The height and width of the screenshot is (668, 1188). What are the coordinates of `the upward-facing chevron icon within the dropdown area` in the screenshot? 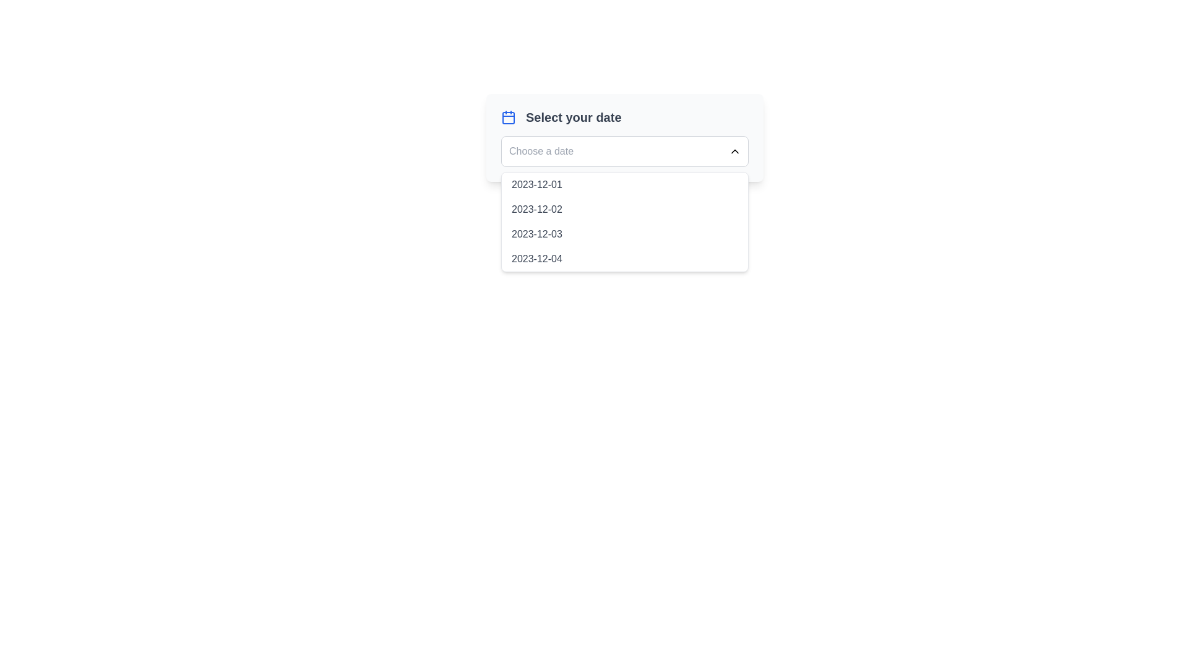 It's located at (735, 151).